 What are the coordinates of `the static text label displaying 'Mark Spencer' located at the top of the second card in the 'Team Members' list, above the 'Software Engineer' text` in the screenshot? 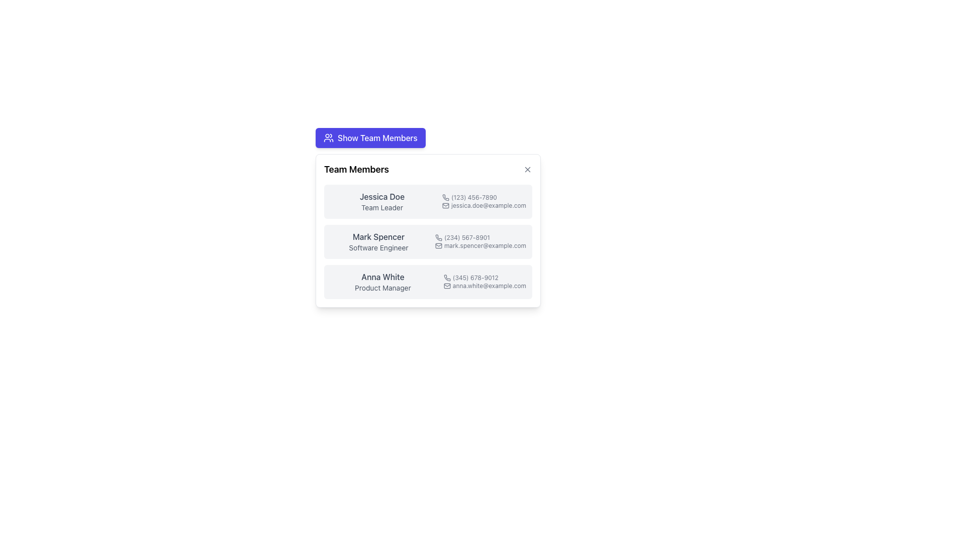 It's located at (378, 236).